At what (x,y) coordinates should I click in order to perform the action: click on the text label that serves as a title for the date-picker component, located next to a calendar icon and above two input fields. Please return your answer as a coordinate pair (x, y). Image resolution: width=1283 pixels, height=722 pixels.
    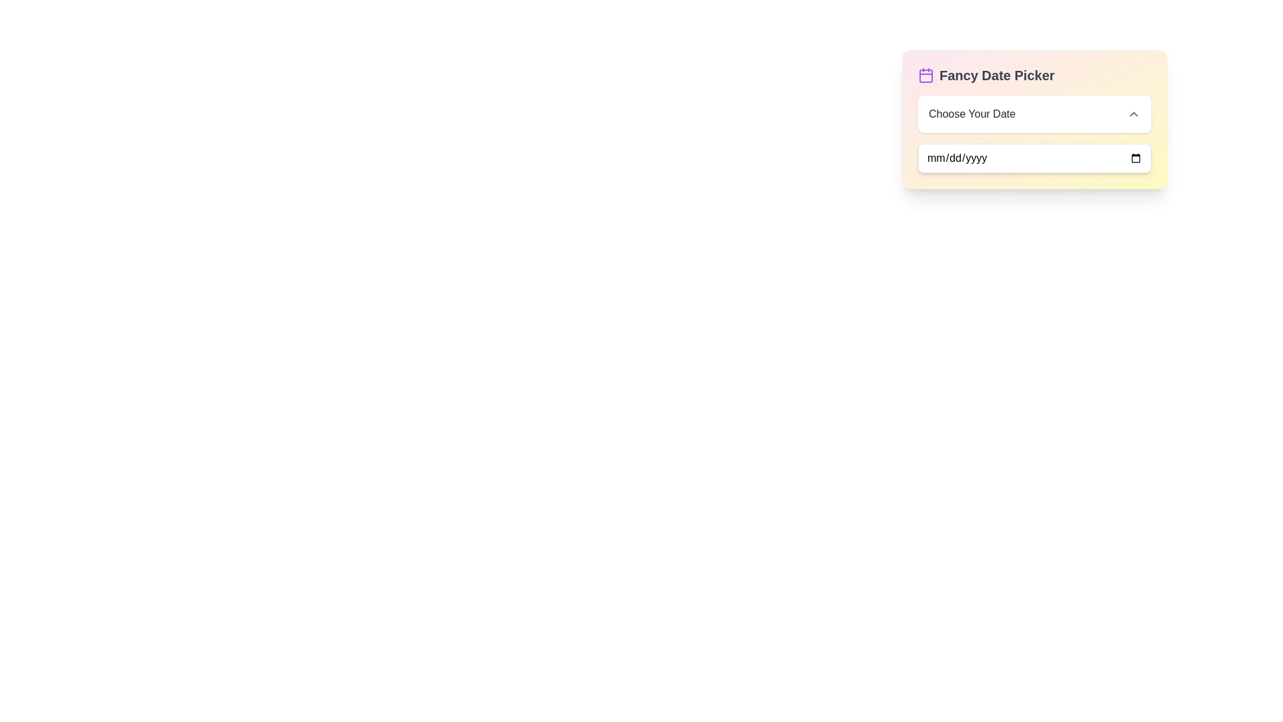
    Looking at the image, I should click on (997, 75).